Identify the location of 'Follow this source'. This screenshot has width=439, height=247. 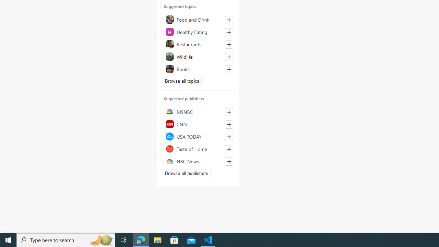
(229, 162).